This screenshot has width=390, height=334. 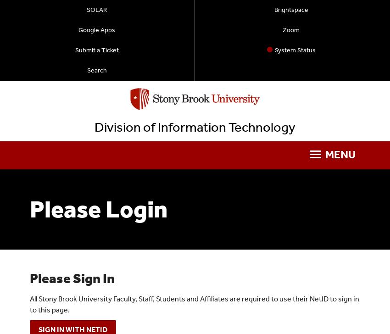 What do you see at coordinates (30, 209) in the screenshot?
I see `'Please Login'` at bounding box center [30, 209].